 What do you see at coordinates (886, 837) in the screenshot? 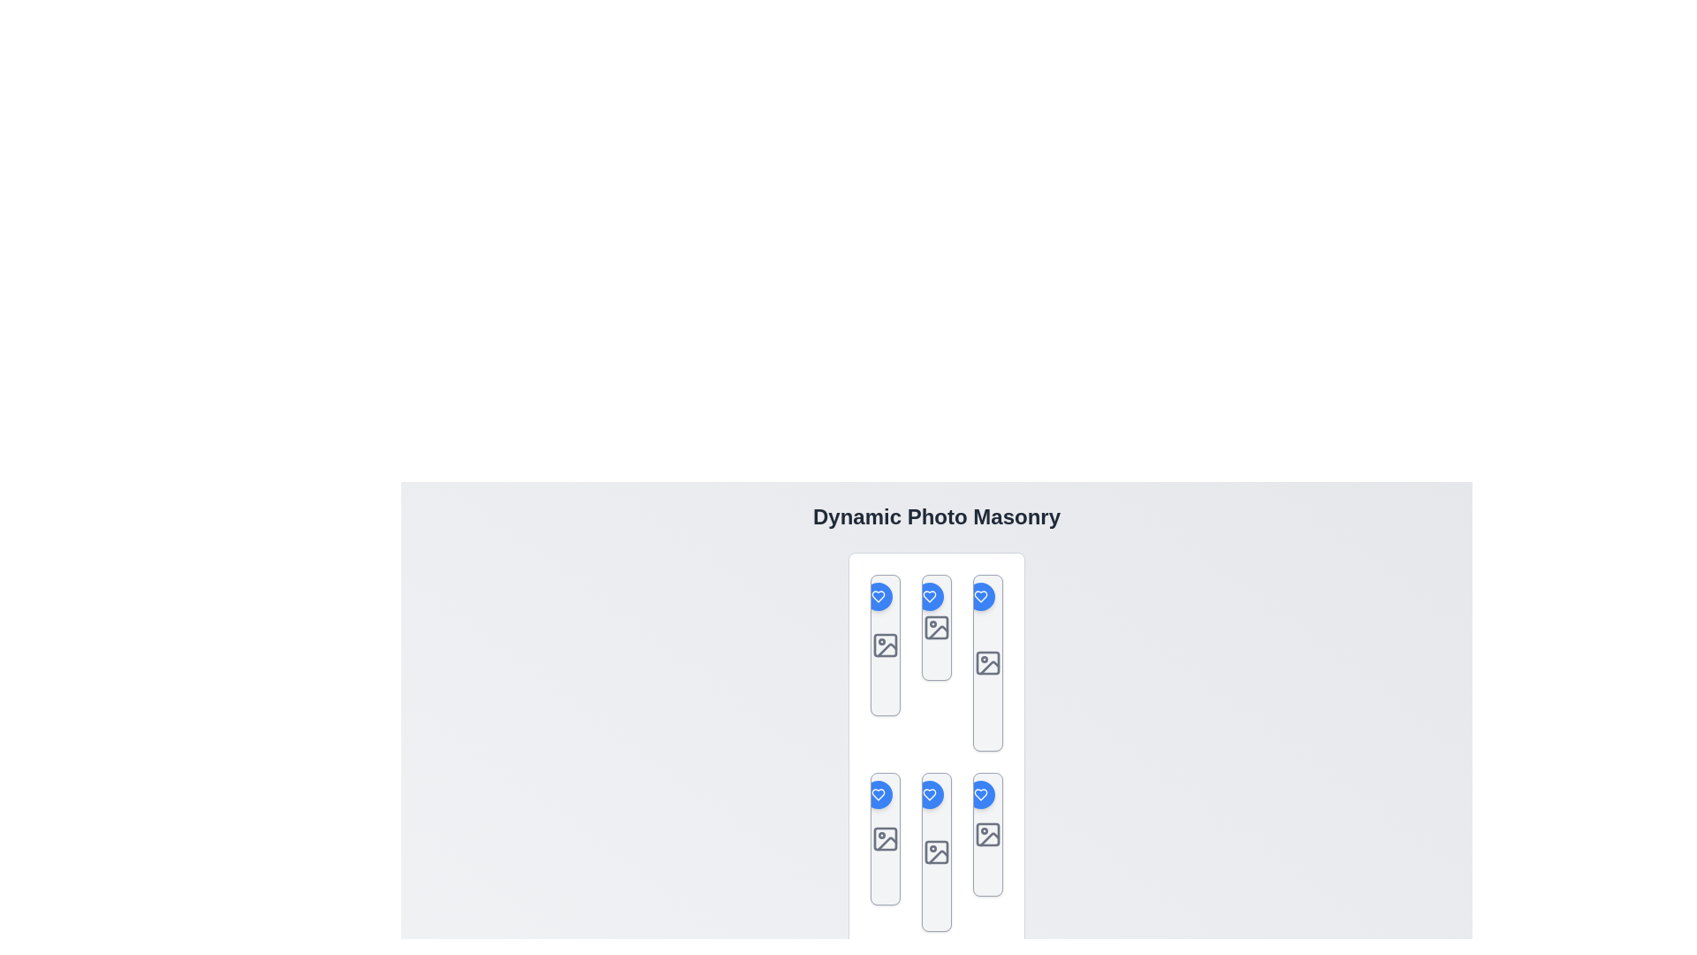
I see `the decorative graphical component, which is a gray square frame with rounded corners located in the lower portion of an image icon in the fourth column and second row of a grid layout` at bounding box center [886, 837].